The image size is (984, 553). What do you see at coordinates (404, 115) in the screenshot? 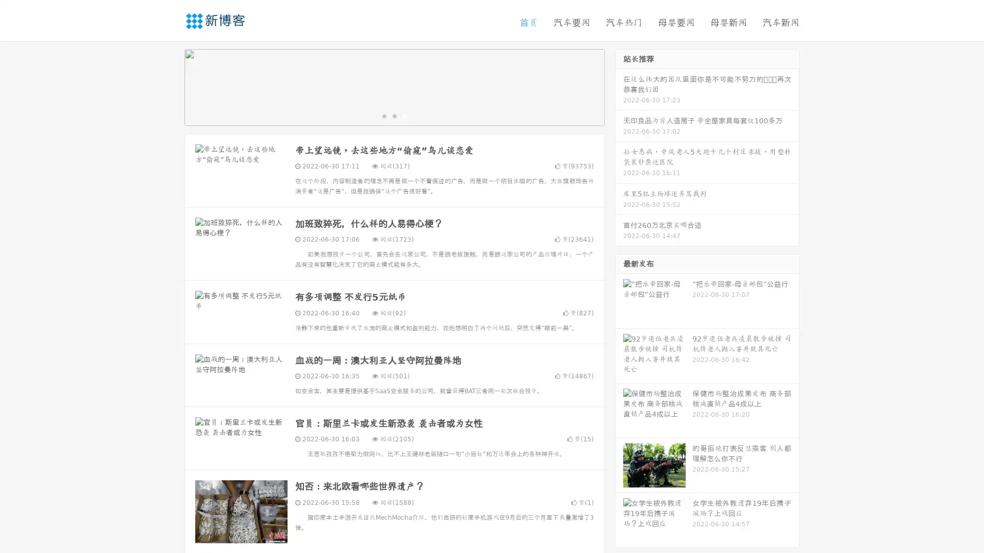
I see `Go to slide 3` at bounding box center [404, 115].